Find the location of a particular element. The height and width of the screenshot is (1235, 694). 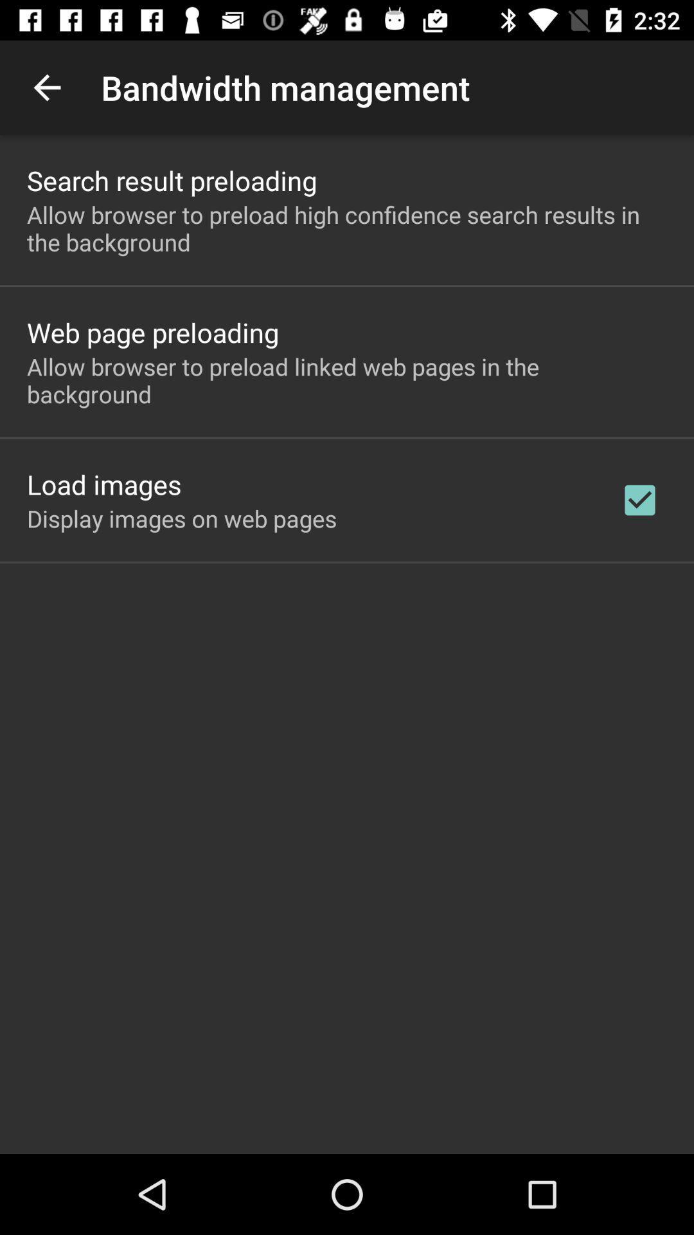

the load images is located at coordinates (103, 484).